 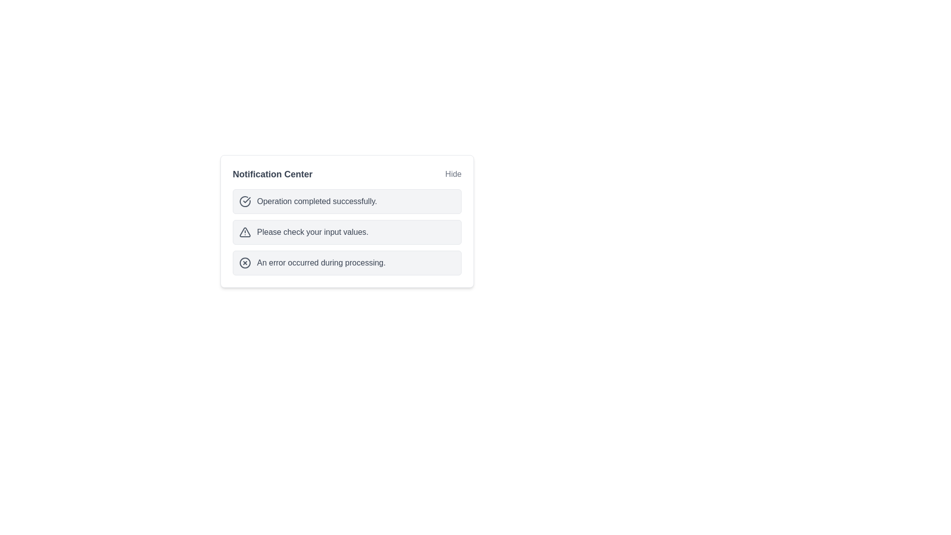 What do you see at coordinates (453, 173) in the screenshot?
I see `the 'Hide' button` at bounding box center [453, 173].